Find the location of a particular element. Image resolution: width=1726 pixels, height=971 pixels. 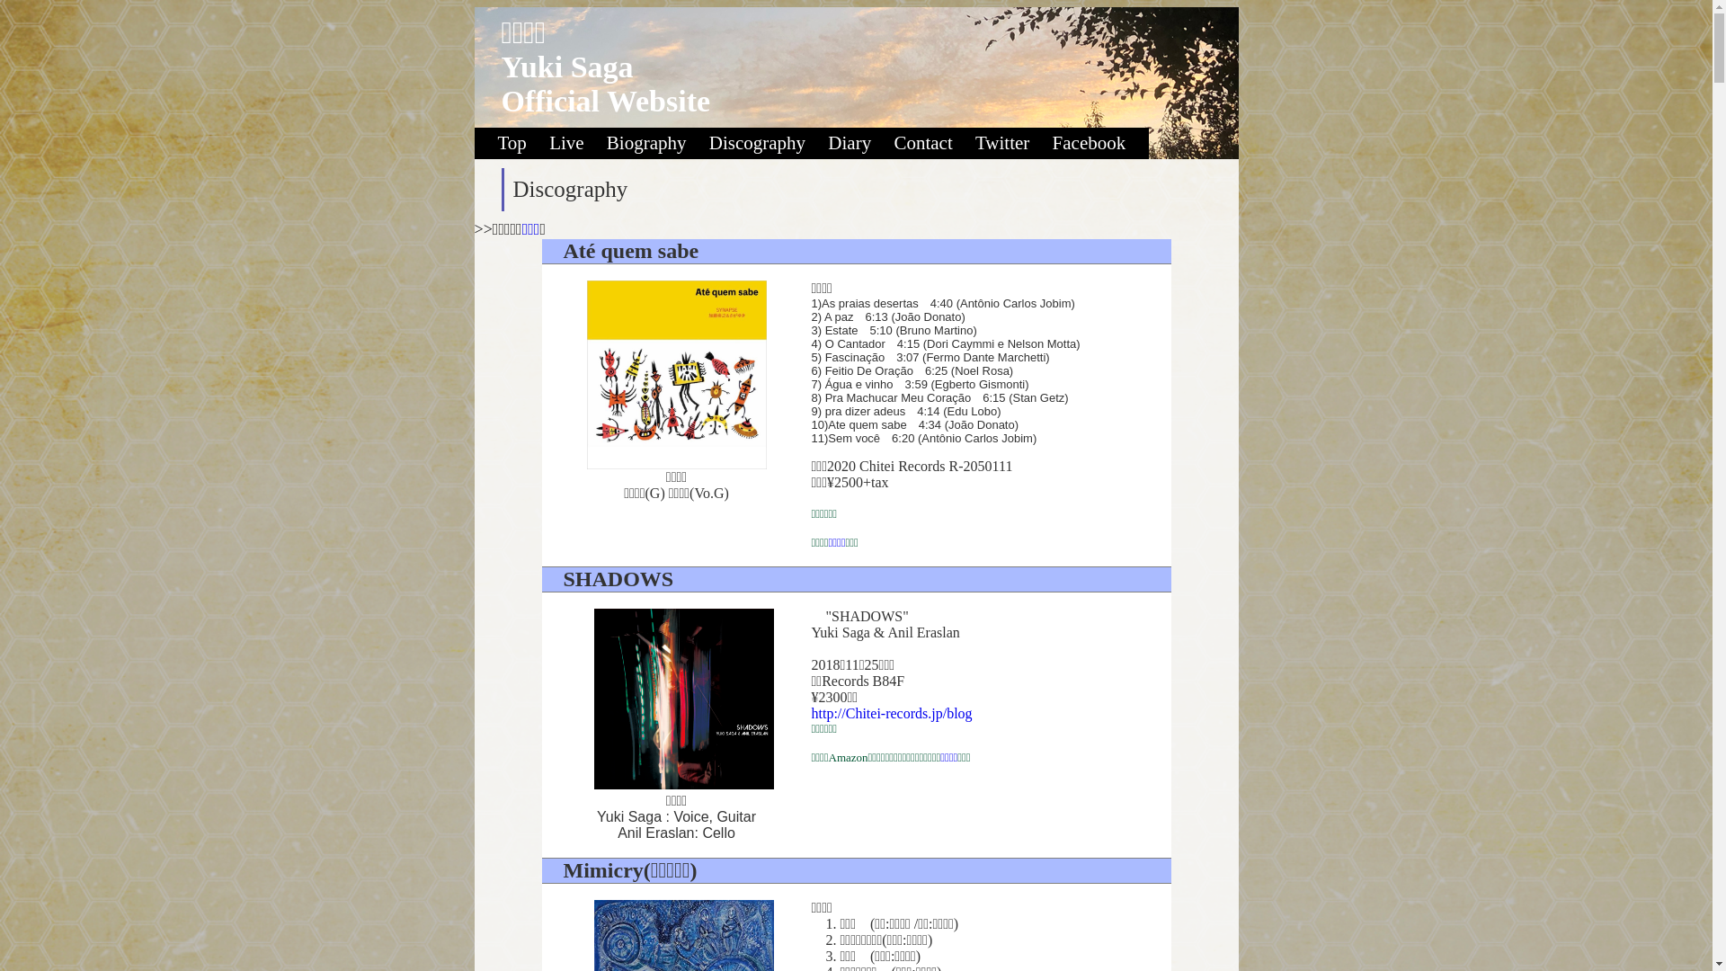

'Diary' is located at coordinates (827, 141).